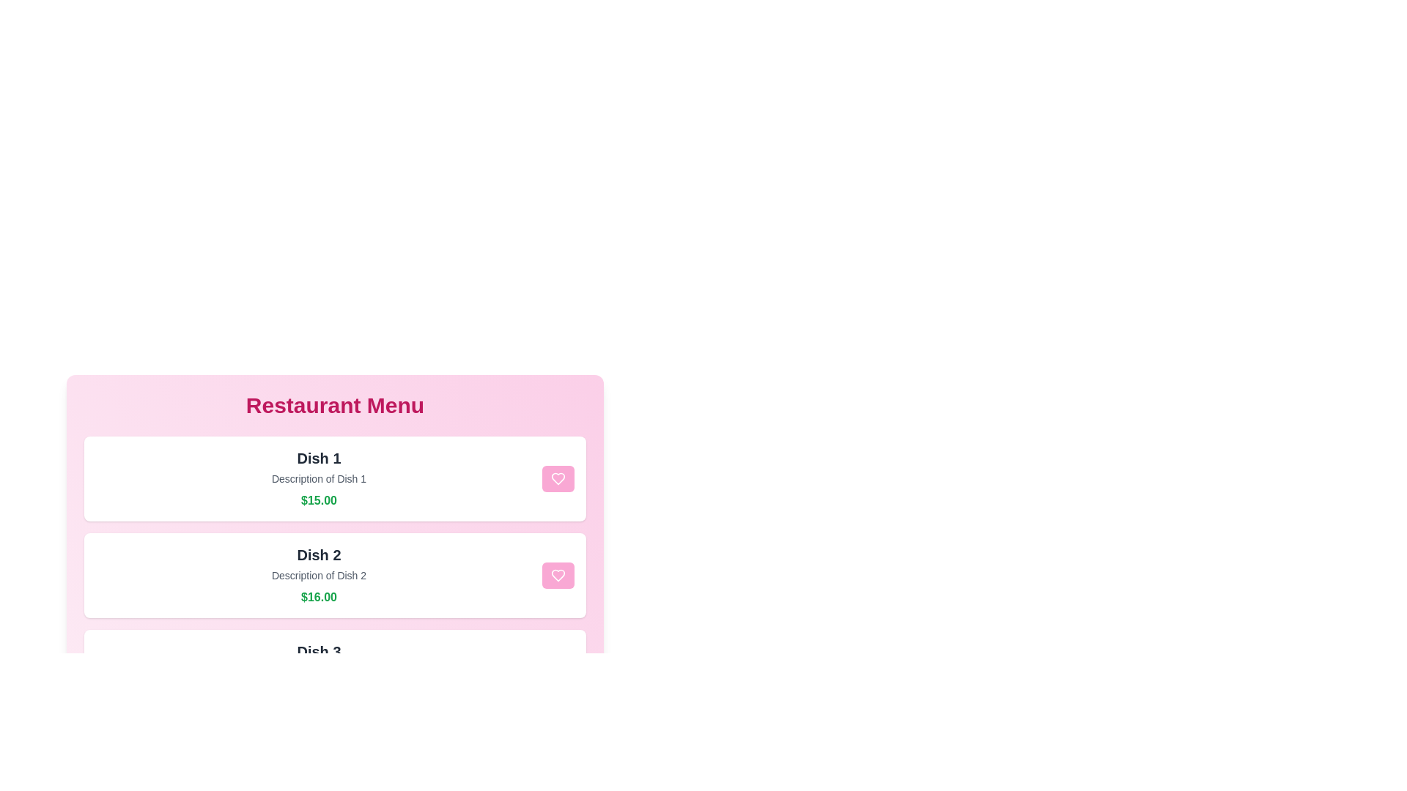  I want to click on the button located at the bottom-right corner of the 'Dish 2' card to mark it as a favorite, so click(558, 575).